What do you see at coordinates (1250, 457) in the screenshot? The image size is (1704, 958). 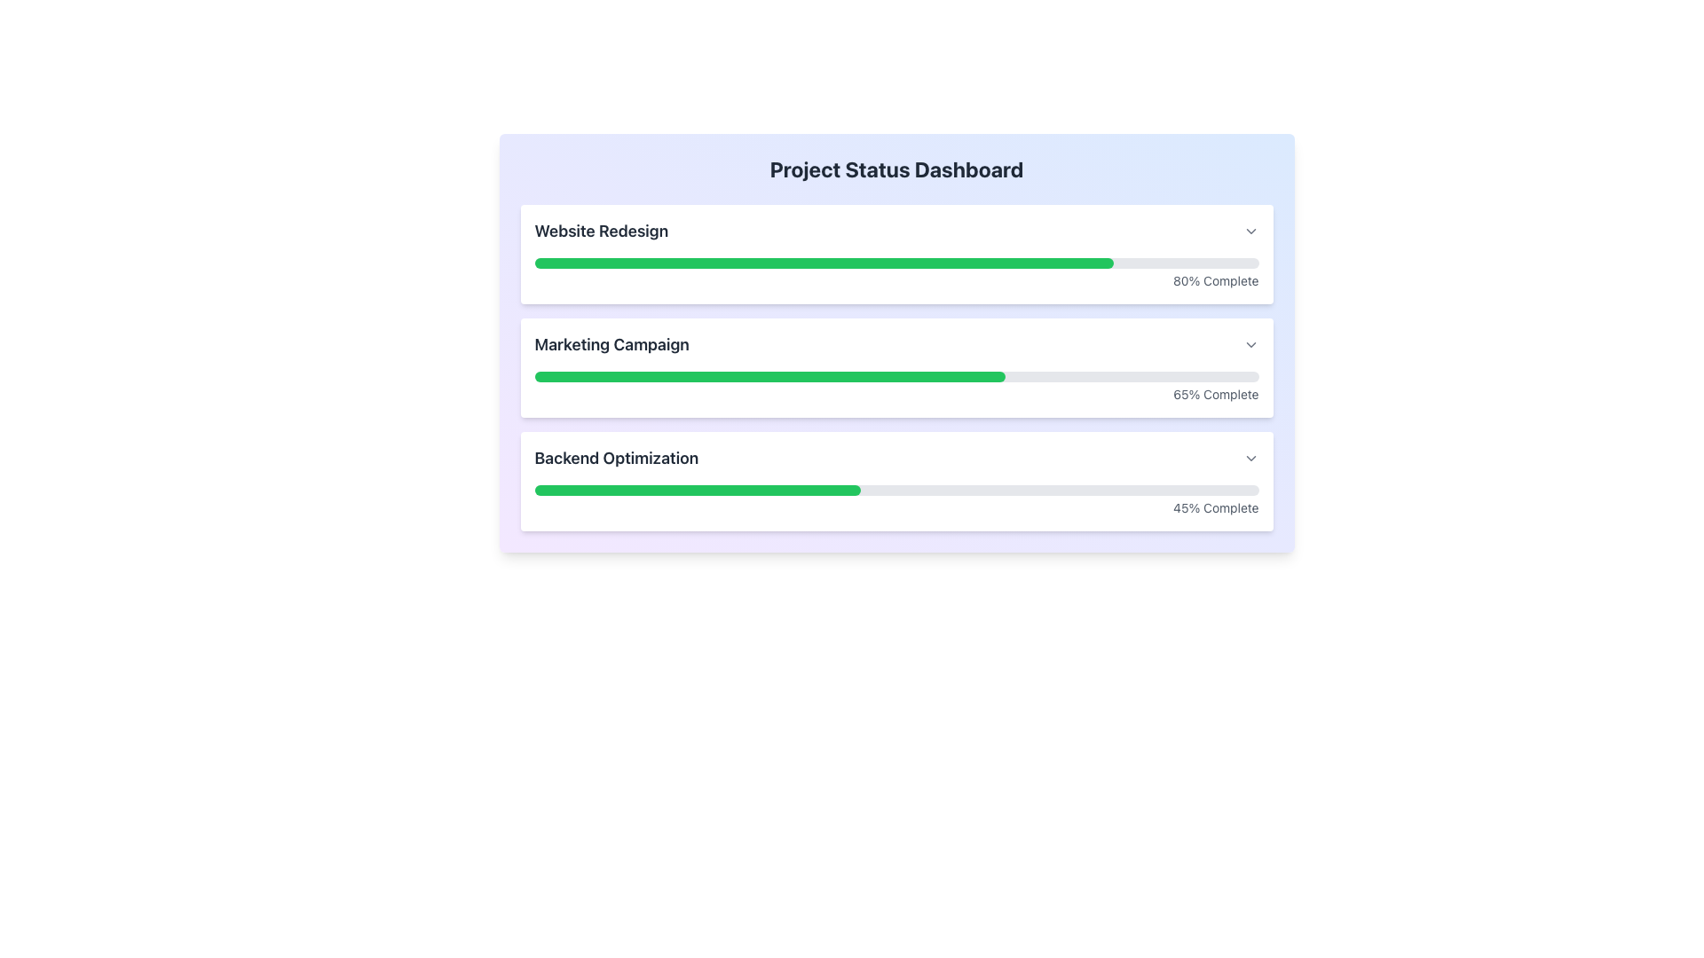 I see `the Dropdown Trigger Icon, which resembles a chevron-down icon located at the bottom-right corner of the 'Backend Optimization' section, to change its appearance` at bounding box center [1250, 457].